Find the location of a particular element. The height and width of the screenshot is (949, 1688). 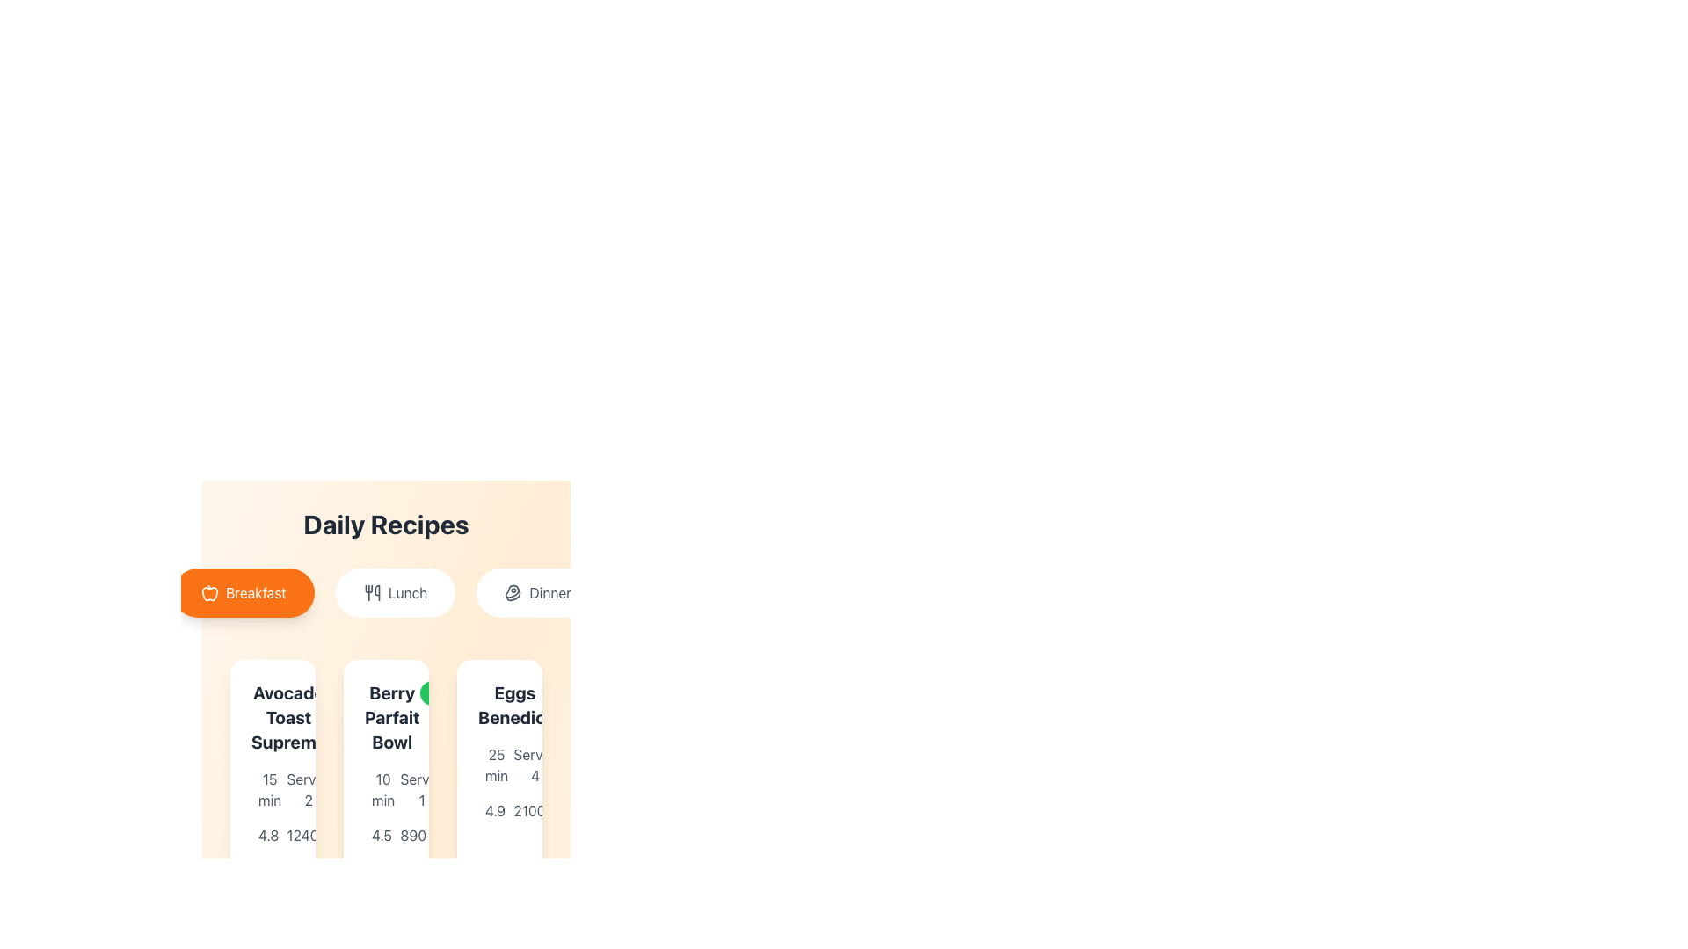

the fork and knife icon, which is located within the 'Lunch' button, positioned slightly to the left of the center of the button is located at coordinates (371, 593).